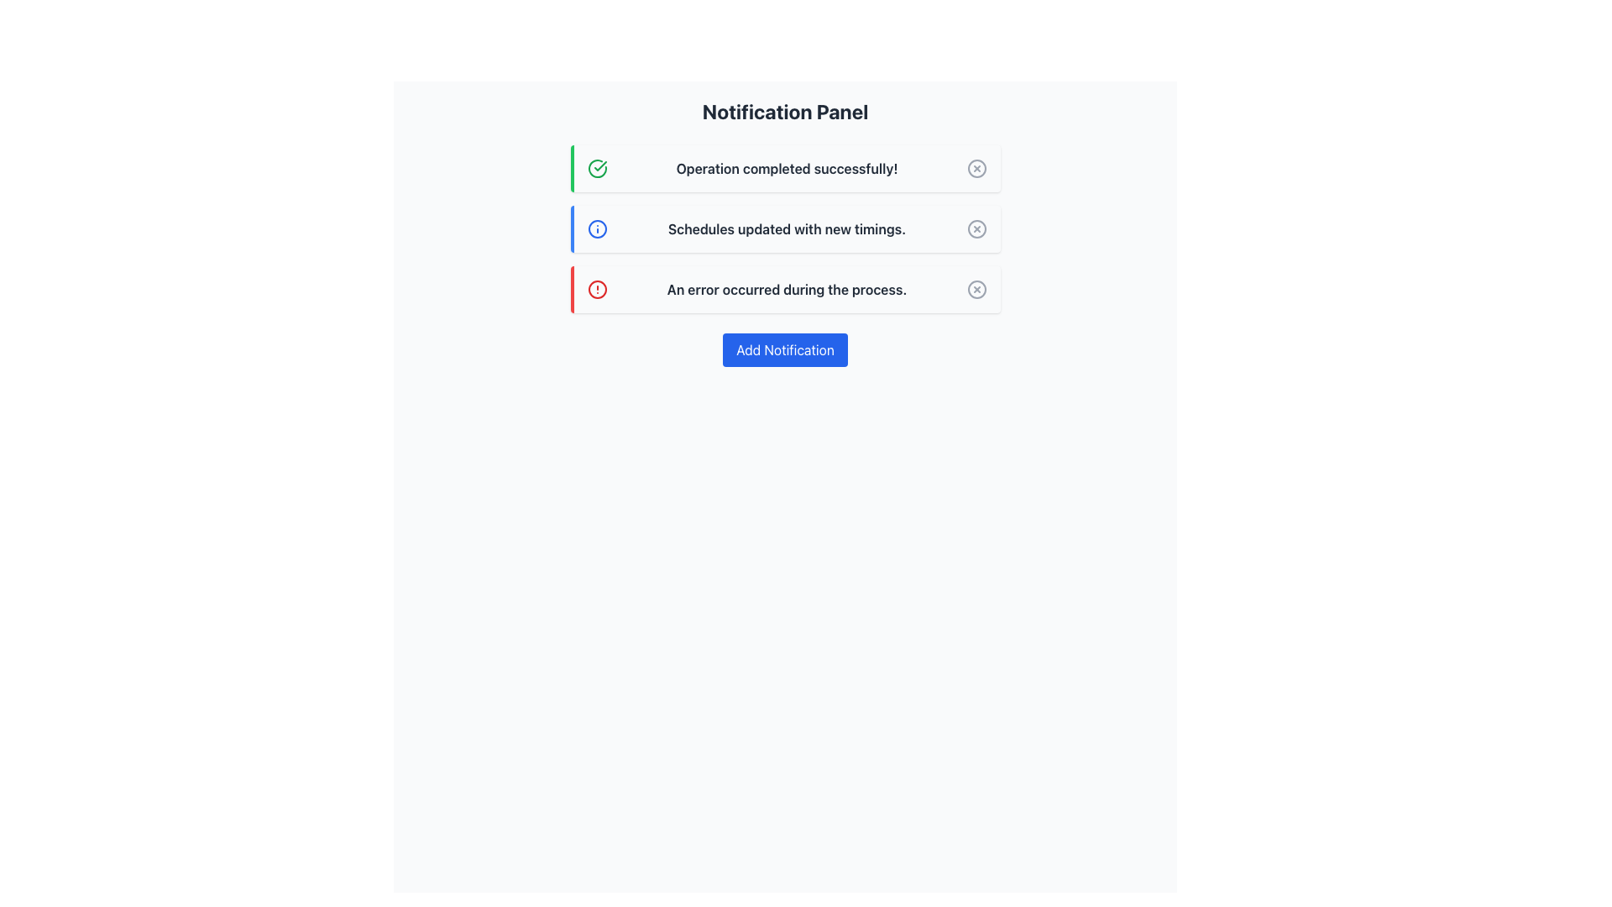  Describe the element at coordinates (786, 168) in the screenshot. I see `the static text display that provides feedback about a successful operation, positioned at the center of the notification card, between the green checkmark icon and the dismiss button` at that location.